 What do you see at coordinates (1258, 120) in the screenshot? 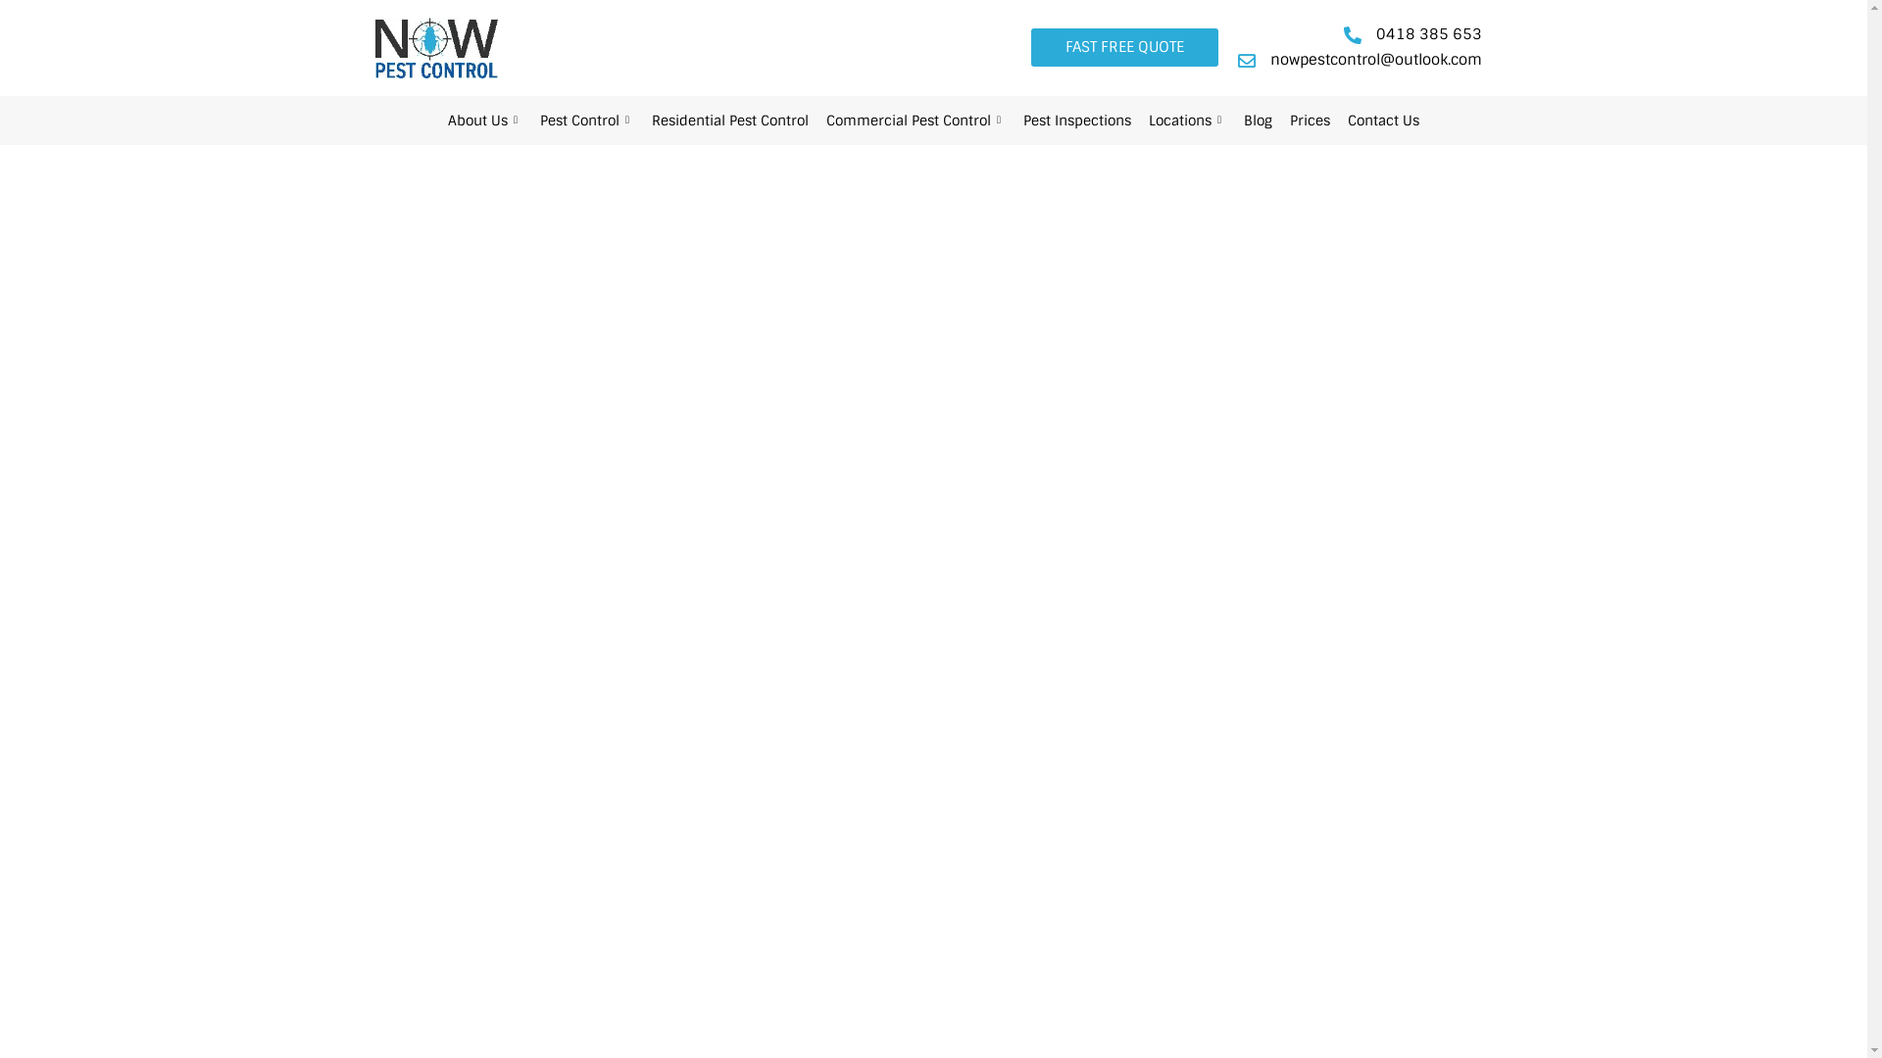
I see `'Blog'` at bounding box center [1258, 120].